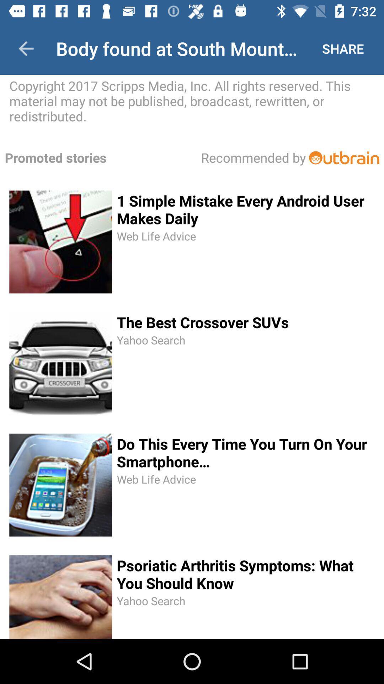 The width and height of the screenshot is (384, 684). What do you see at coordinates (343, 157) in the screenshot?
I see `link to advertisement` at bounding box center [343, 157].